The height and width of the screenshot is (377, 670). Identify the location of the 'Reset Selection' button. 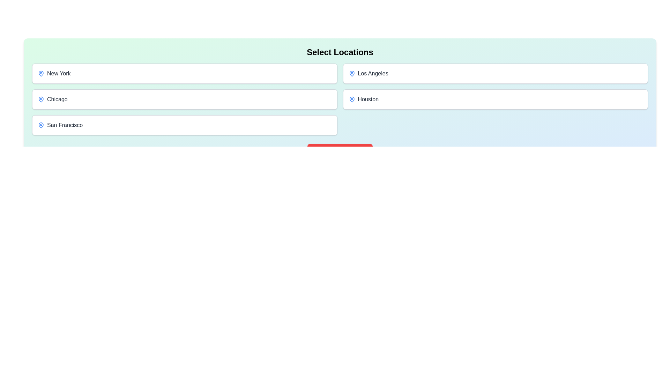
(340, 151).